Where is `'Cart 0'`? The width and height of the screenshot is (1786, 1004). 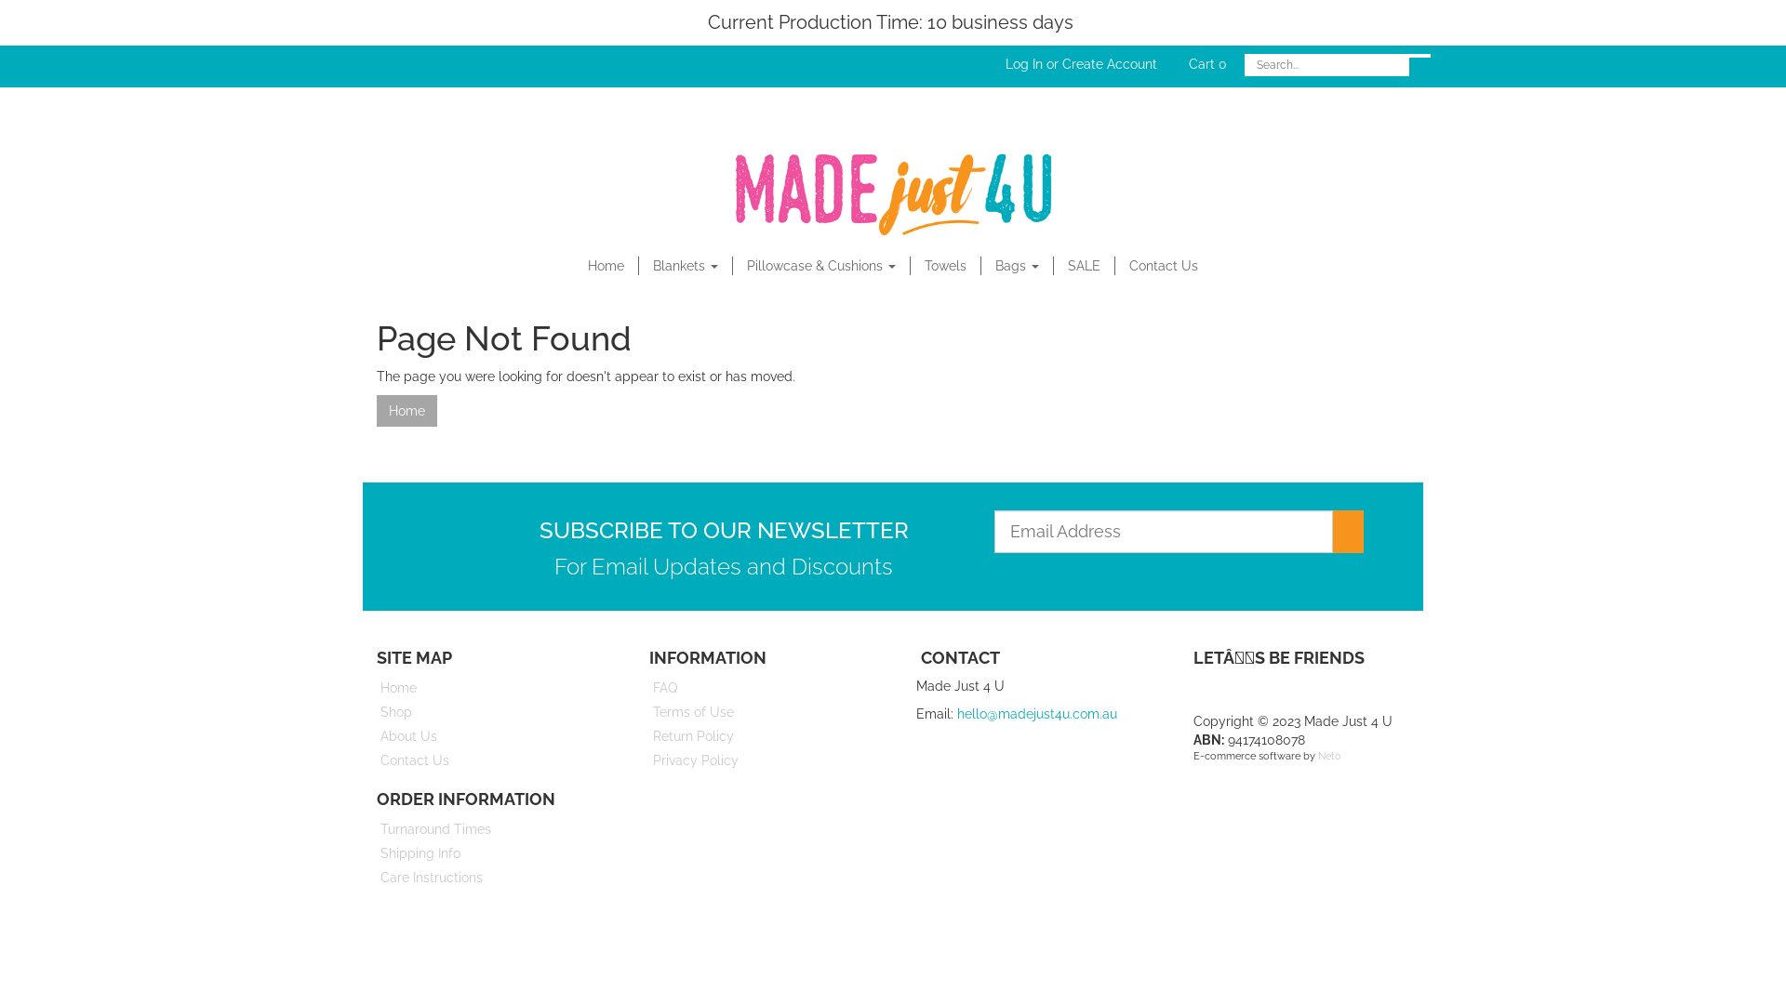
'Cart 0' is located at coordinates (1207, 63).